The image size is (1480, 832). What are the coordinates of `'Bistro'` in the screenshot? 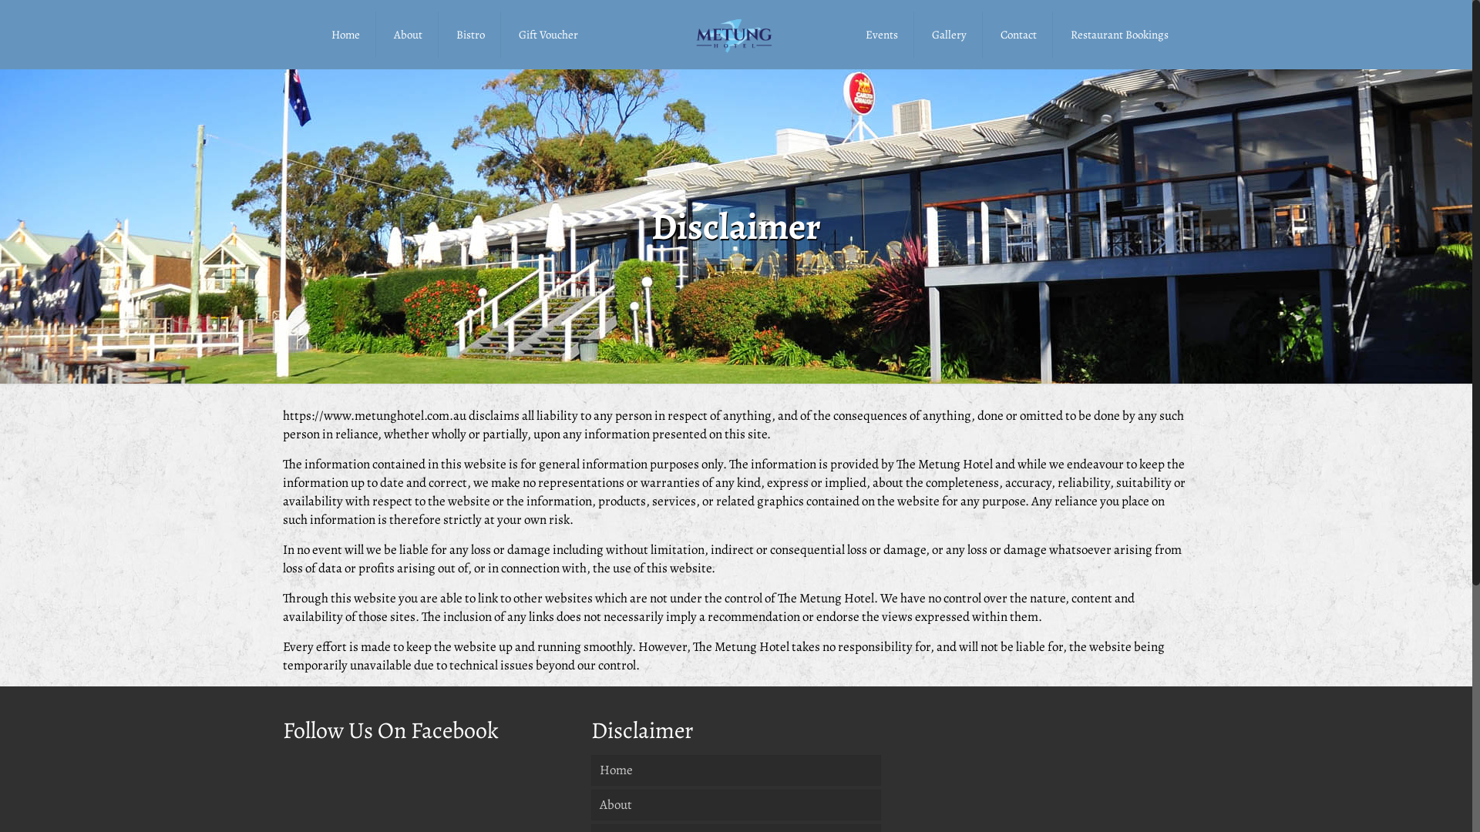 It's located at (469, 35).